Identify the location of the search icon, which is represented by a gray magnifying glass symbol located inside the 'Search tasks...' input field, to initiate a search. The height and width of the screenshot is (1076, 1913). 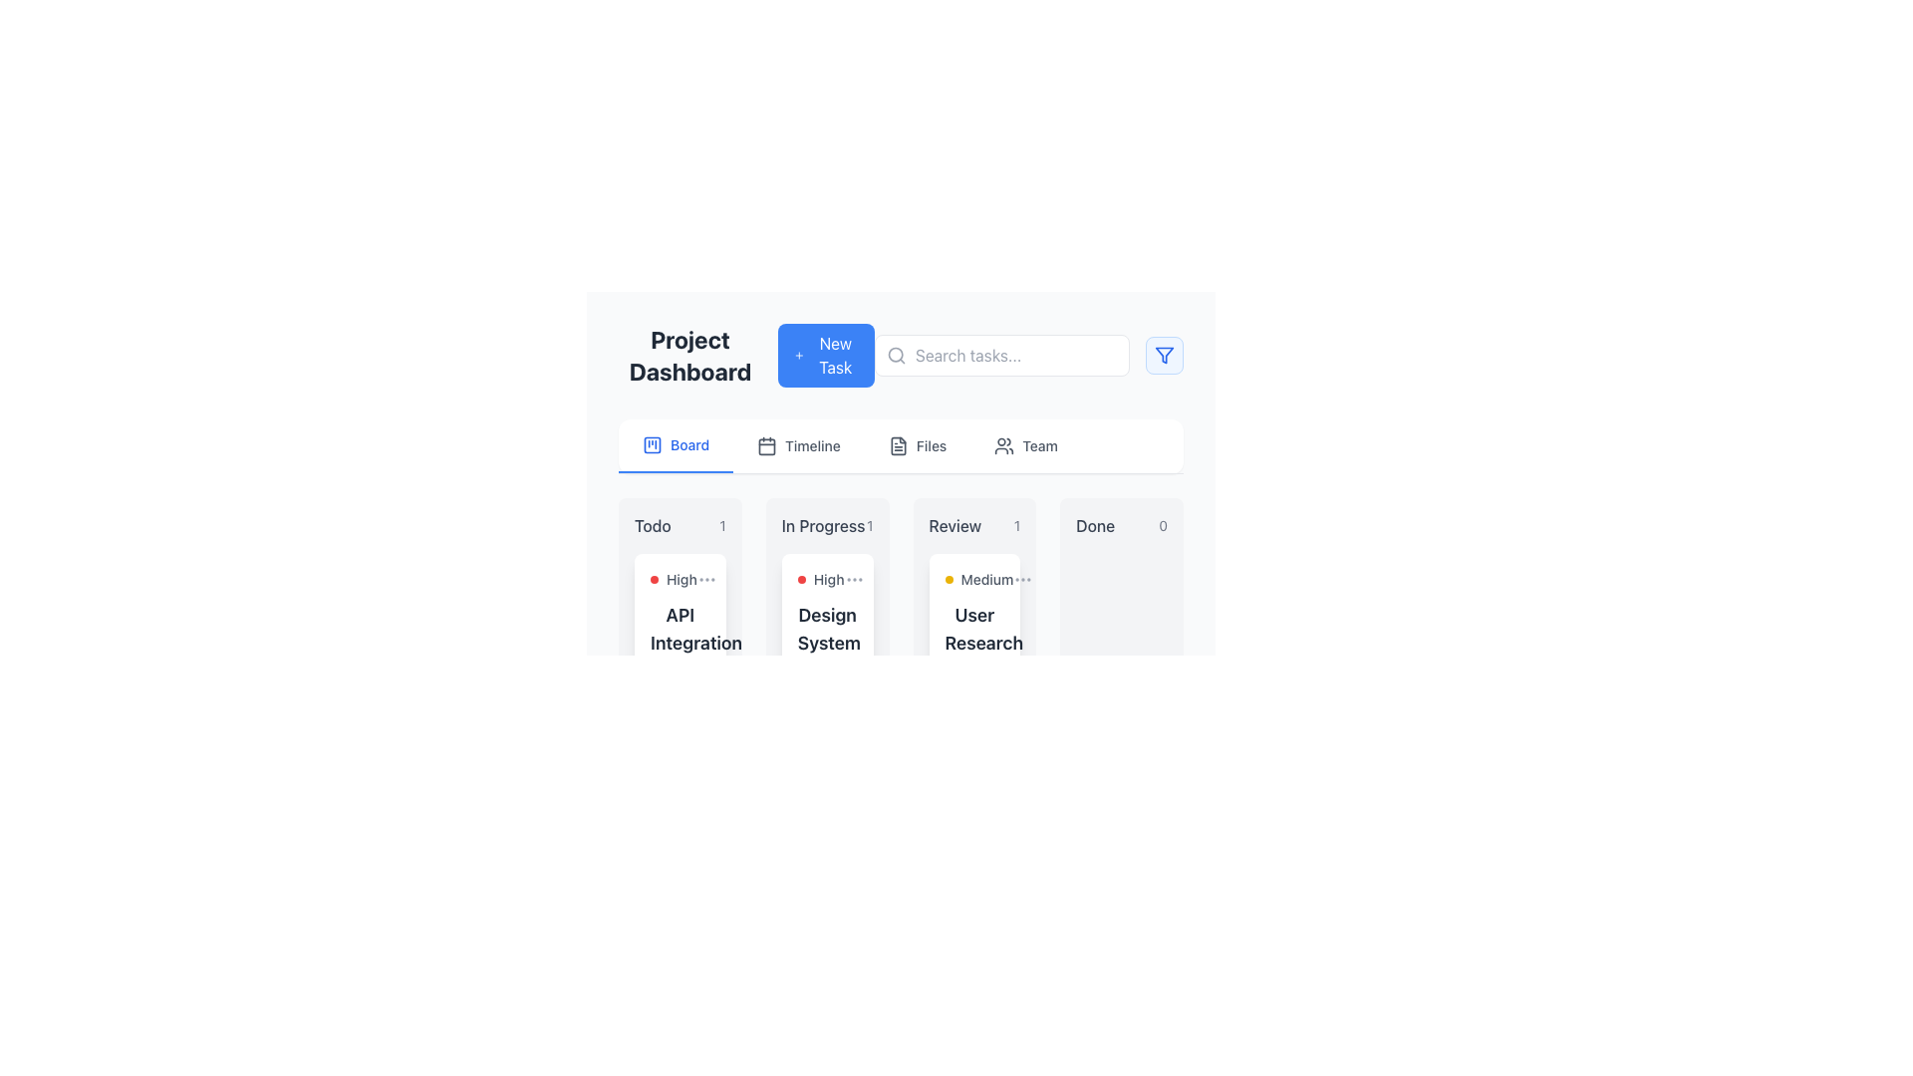
(896, 355).